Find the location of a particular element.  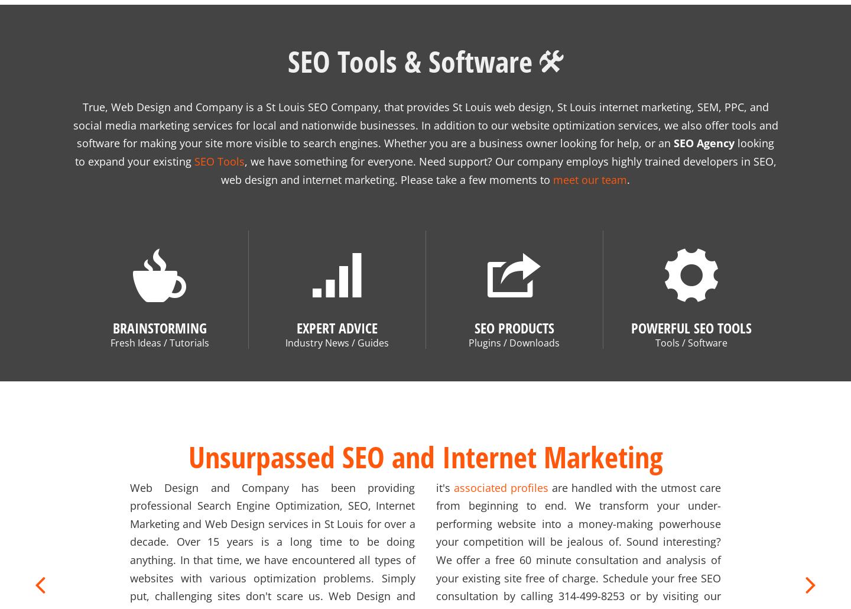

', we have something for everyone. Need support? Our company employs highly trained developers in SEO, web design and internet marketing. Please take a few moments to' is located at coordinates (498, 155).